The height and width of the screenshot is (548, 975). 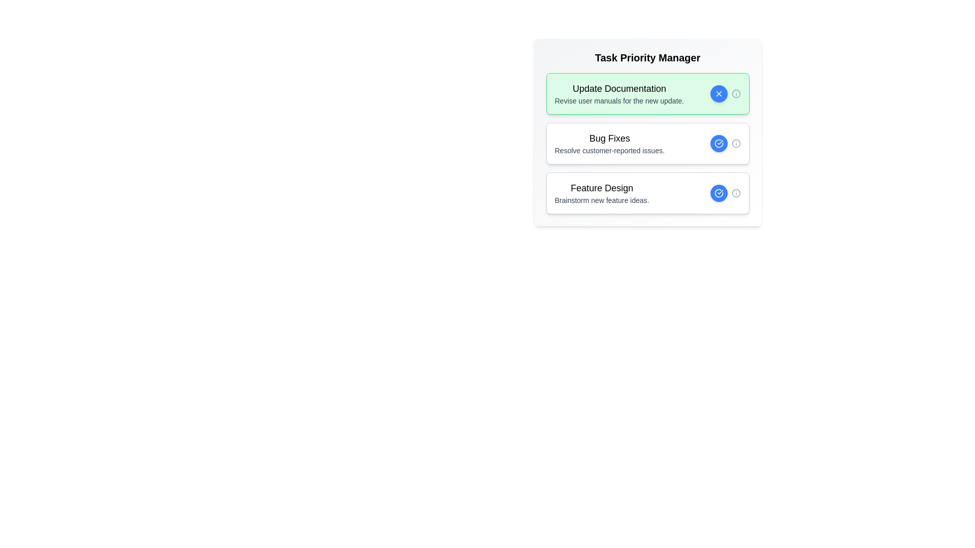 I want to click on the info icon for the task titled 'Bug Fixes' to view additional information, so click(x=736, y=143).